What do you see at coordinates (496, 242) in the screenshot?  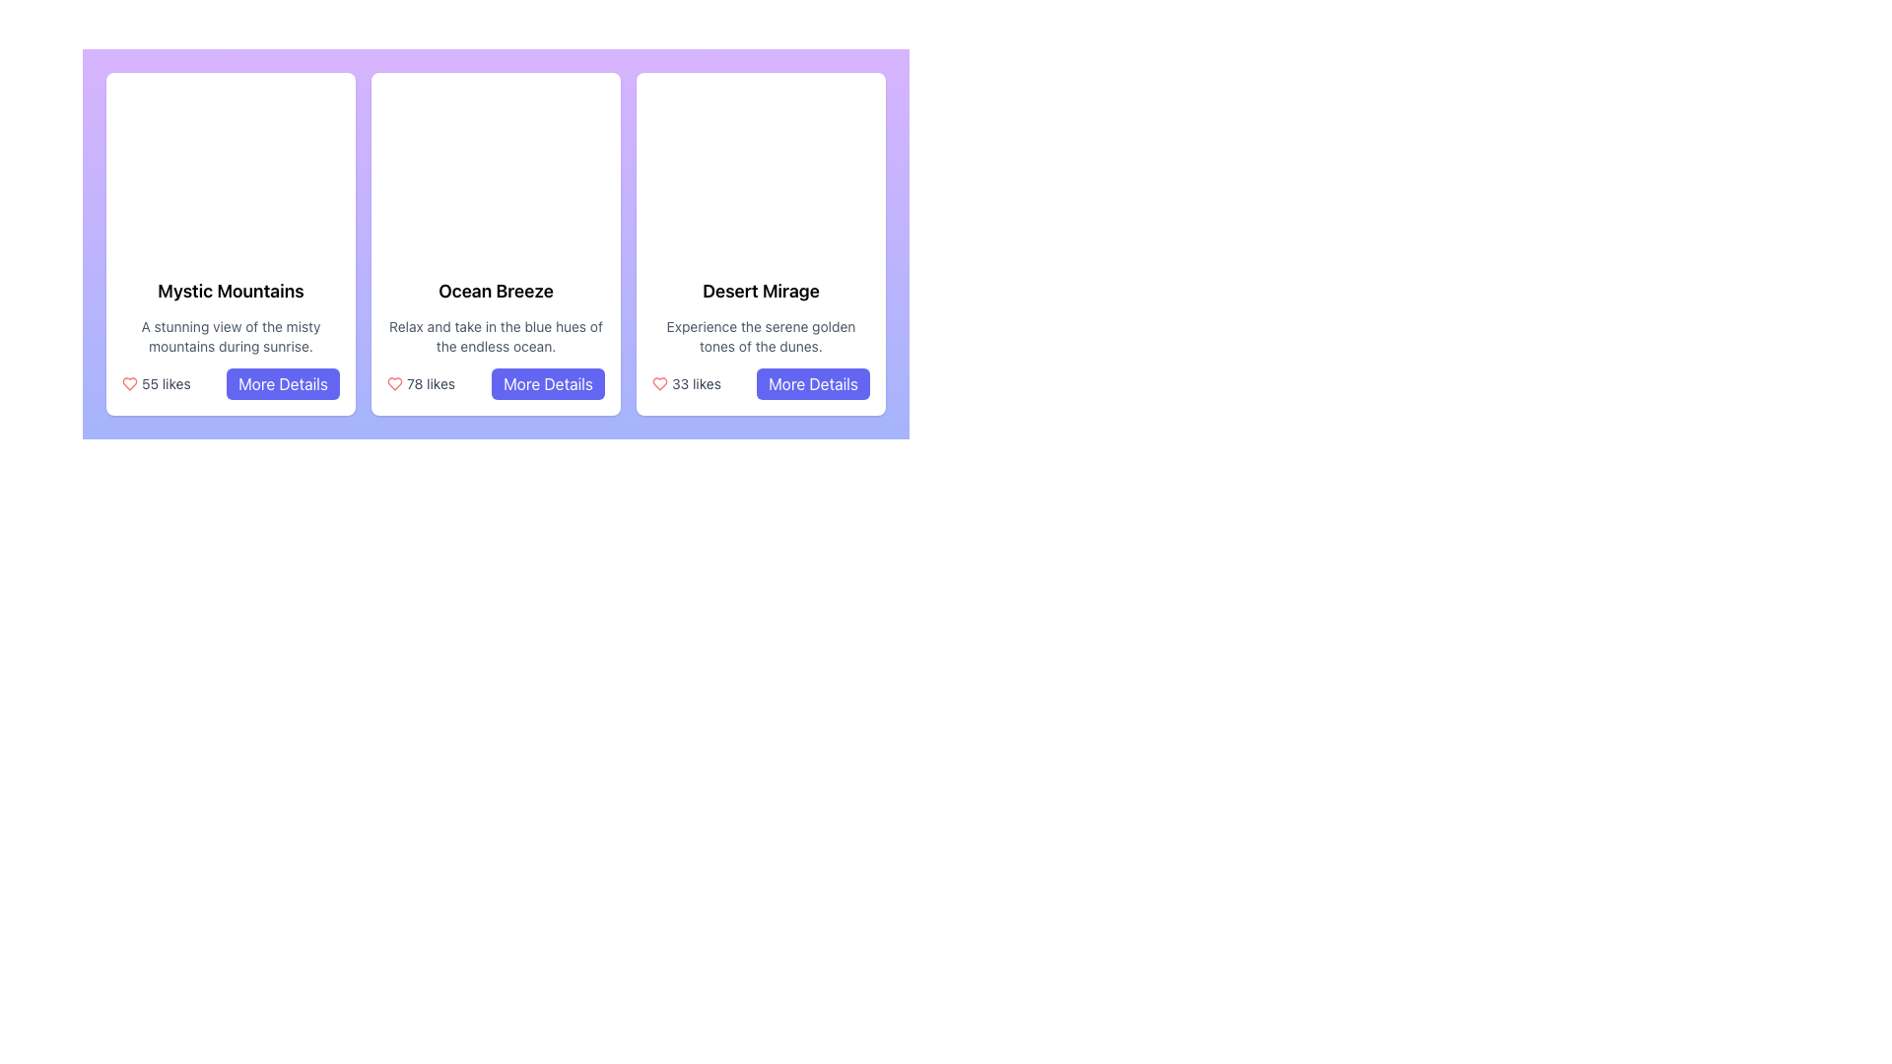 I see `the Informational Card for 'Ocean Breeze', which is the second card in a horizontal grid layout between 'Mystic Mountains' and 'Desert Mirage'` at bounding box center [496, 242].